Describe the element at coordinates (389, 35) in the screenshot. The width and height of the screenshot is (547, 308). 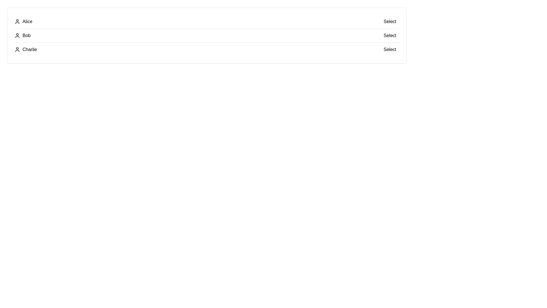
I see `the 'Select' button for the user Bob` at that location.